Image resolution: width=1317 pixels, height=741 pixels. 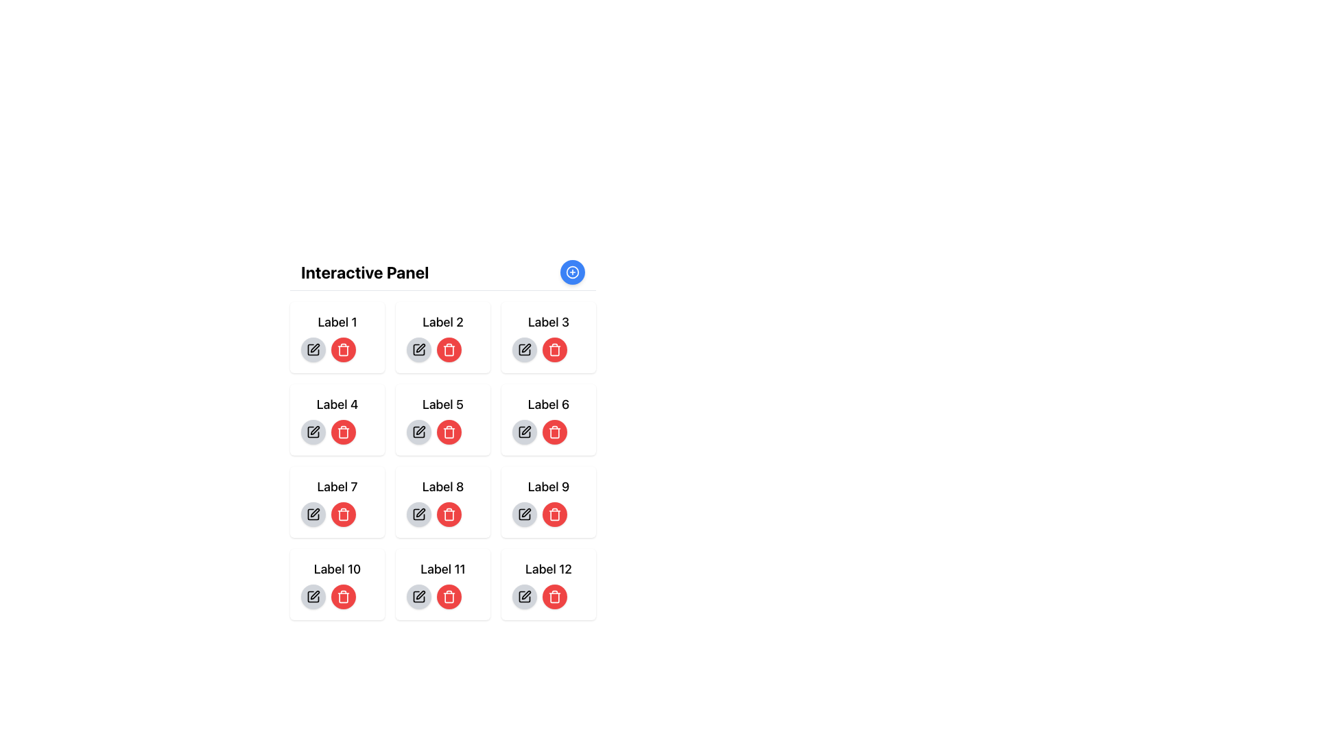 I want to click on the edit icon button located in the top-right corner of the grid under the 'Interactive Panel' for 'Label 3', so click(x=523, y=349).